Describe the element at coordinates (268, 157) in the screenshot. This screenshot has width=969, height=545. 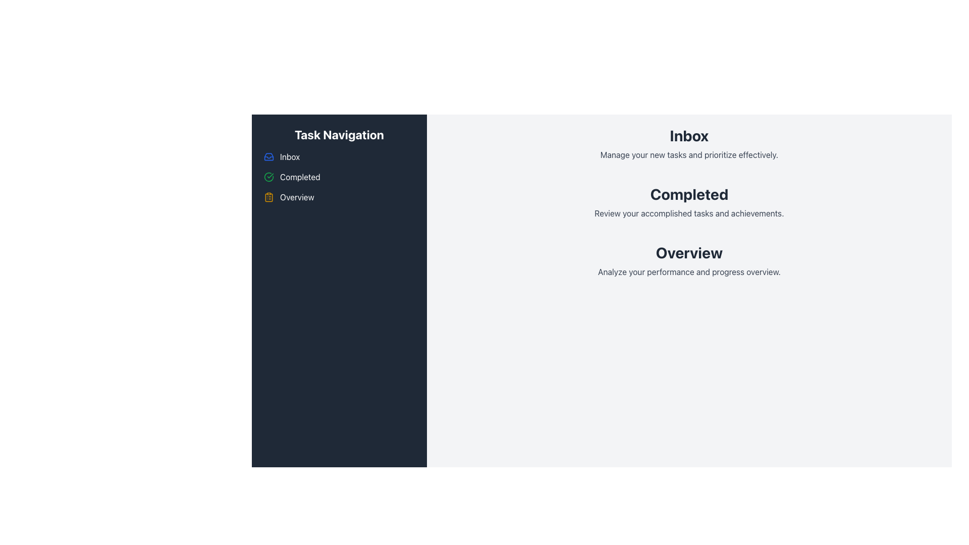
I see `the blue inbox icon located next to the 'Inbox' label in the dark sidebar` at that location.